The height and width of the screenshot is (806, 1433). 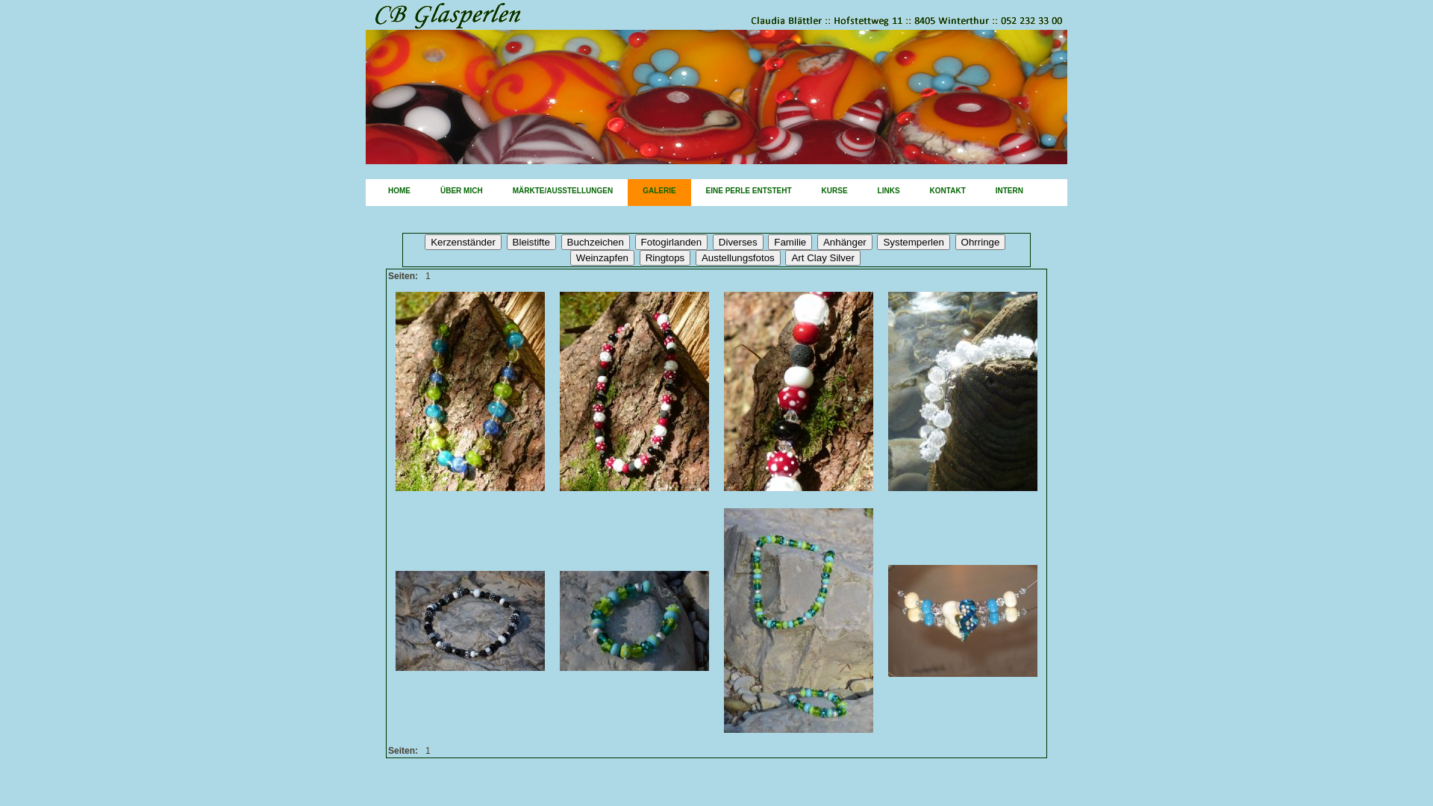 What do you see at coordinates (602, 257) in the screenshot?
I see `'Weinzapfen'` at bounding box center [602, 257].